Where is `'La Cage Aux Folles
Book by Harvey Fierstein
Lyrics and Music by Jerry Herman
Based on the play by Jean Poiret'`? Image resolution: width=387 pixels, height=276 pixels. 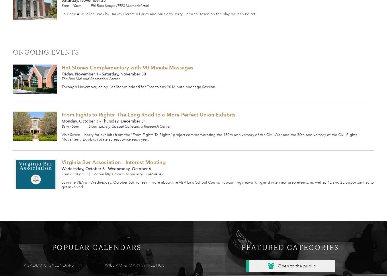 'La Cage Aux Folles
Book by Harvey Fierstein
Lyrics and Music by Jerry Herman
Based on the play by Jean Poiret' is located at coordinates (158, 13).